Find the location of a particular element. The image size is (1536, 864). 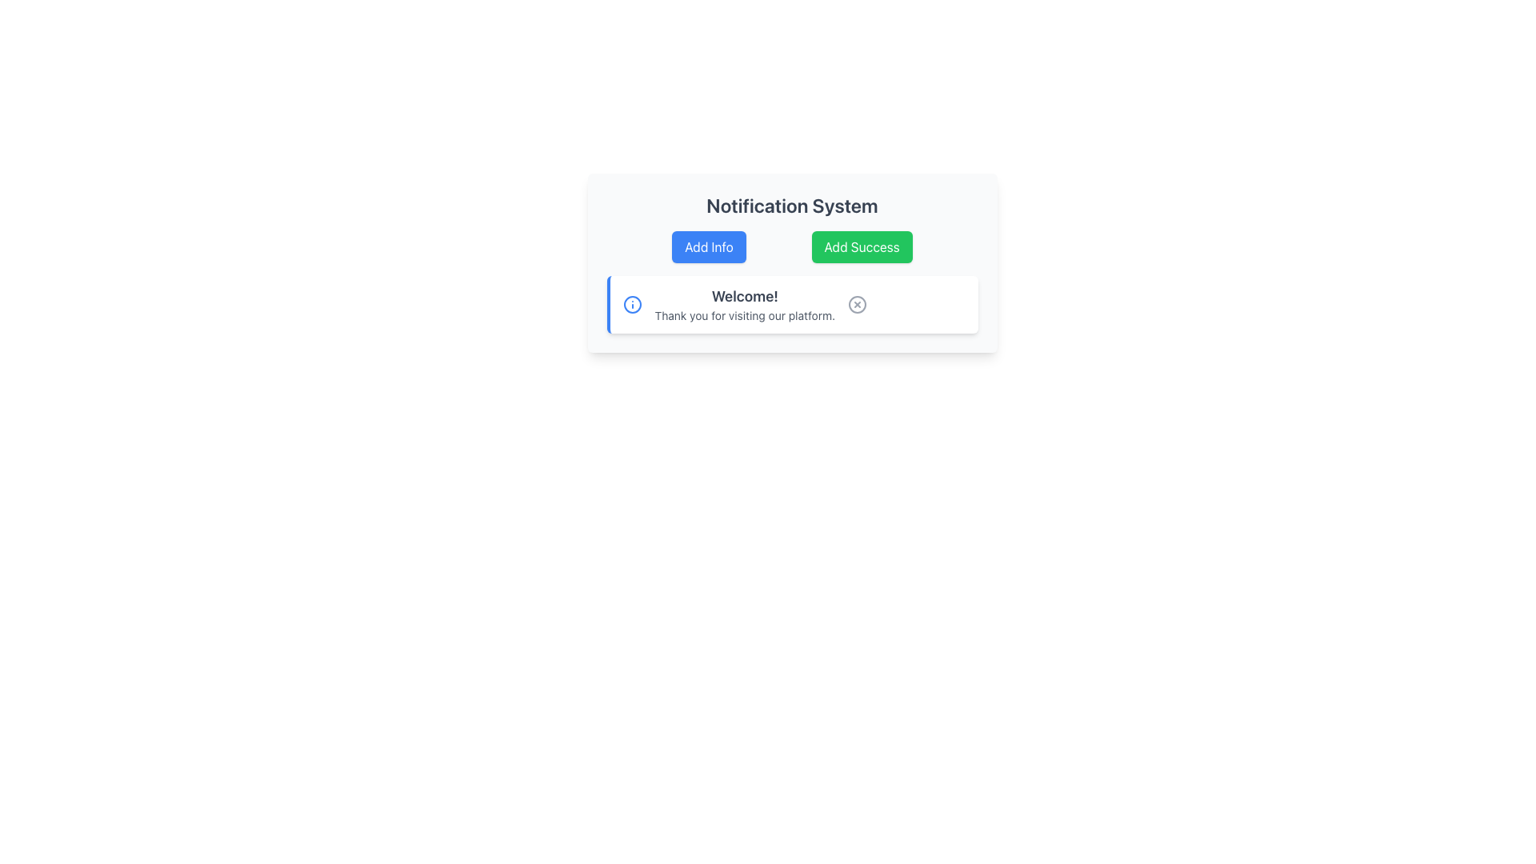

the close button icon located at the far right of the 'Welcome!' notification card to observe the color change is located at coordinates (857, 305).